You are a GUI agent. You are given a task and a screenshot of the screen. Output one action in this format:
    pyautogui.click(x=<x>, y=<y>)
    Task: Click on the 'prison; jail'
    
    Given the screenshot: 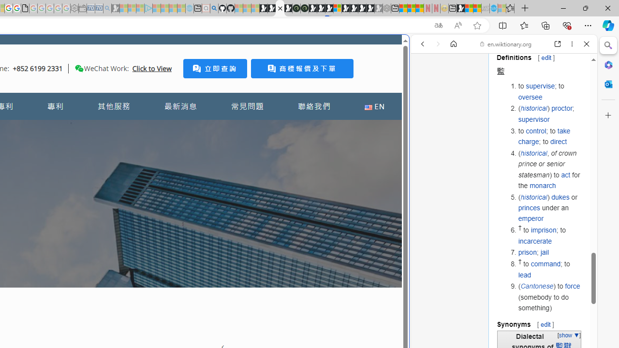 What is the action you would take?
    pyautogui.click(x=550, y=252)
    